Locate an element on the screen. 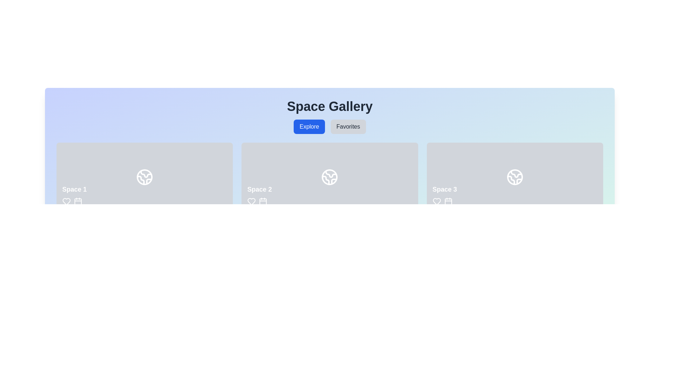 The width and height of the screenshot is (691, 389). the heart icon located at the bottom left of the 'Space 2' card is located at coordinates (252, 201).